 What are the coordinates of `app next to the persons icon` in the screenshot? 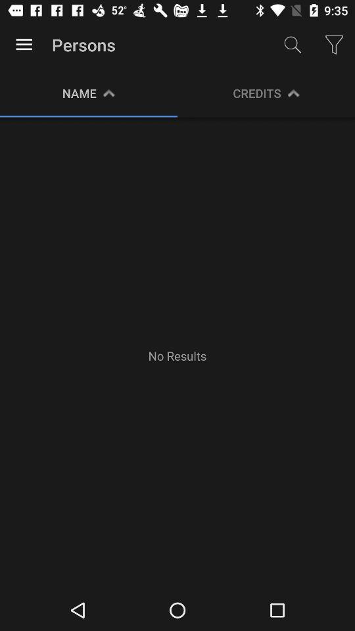 It's located at (24, 45).